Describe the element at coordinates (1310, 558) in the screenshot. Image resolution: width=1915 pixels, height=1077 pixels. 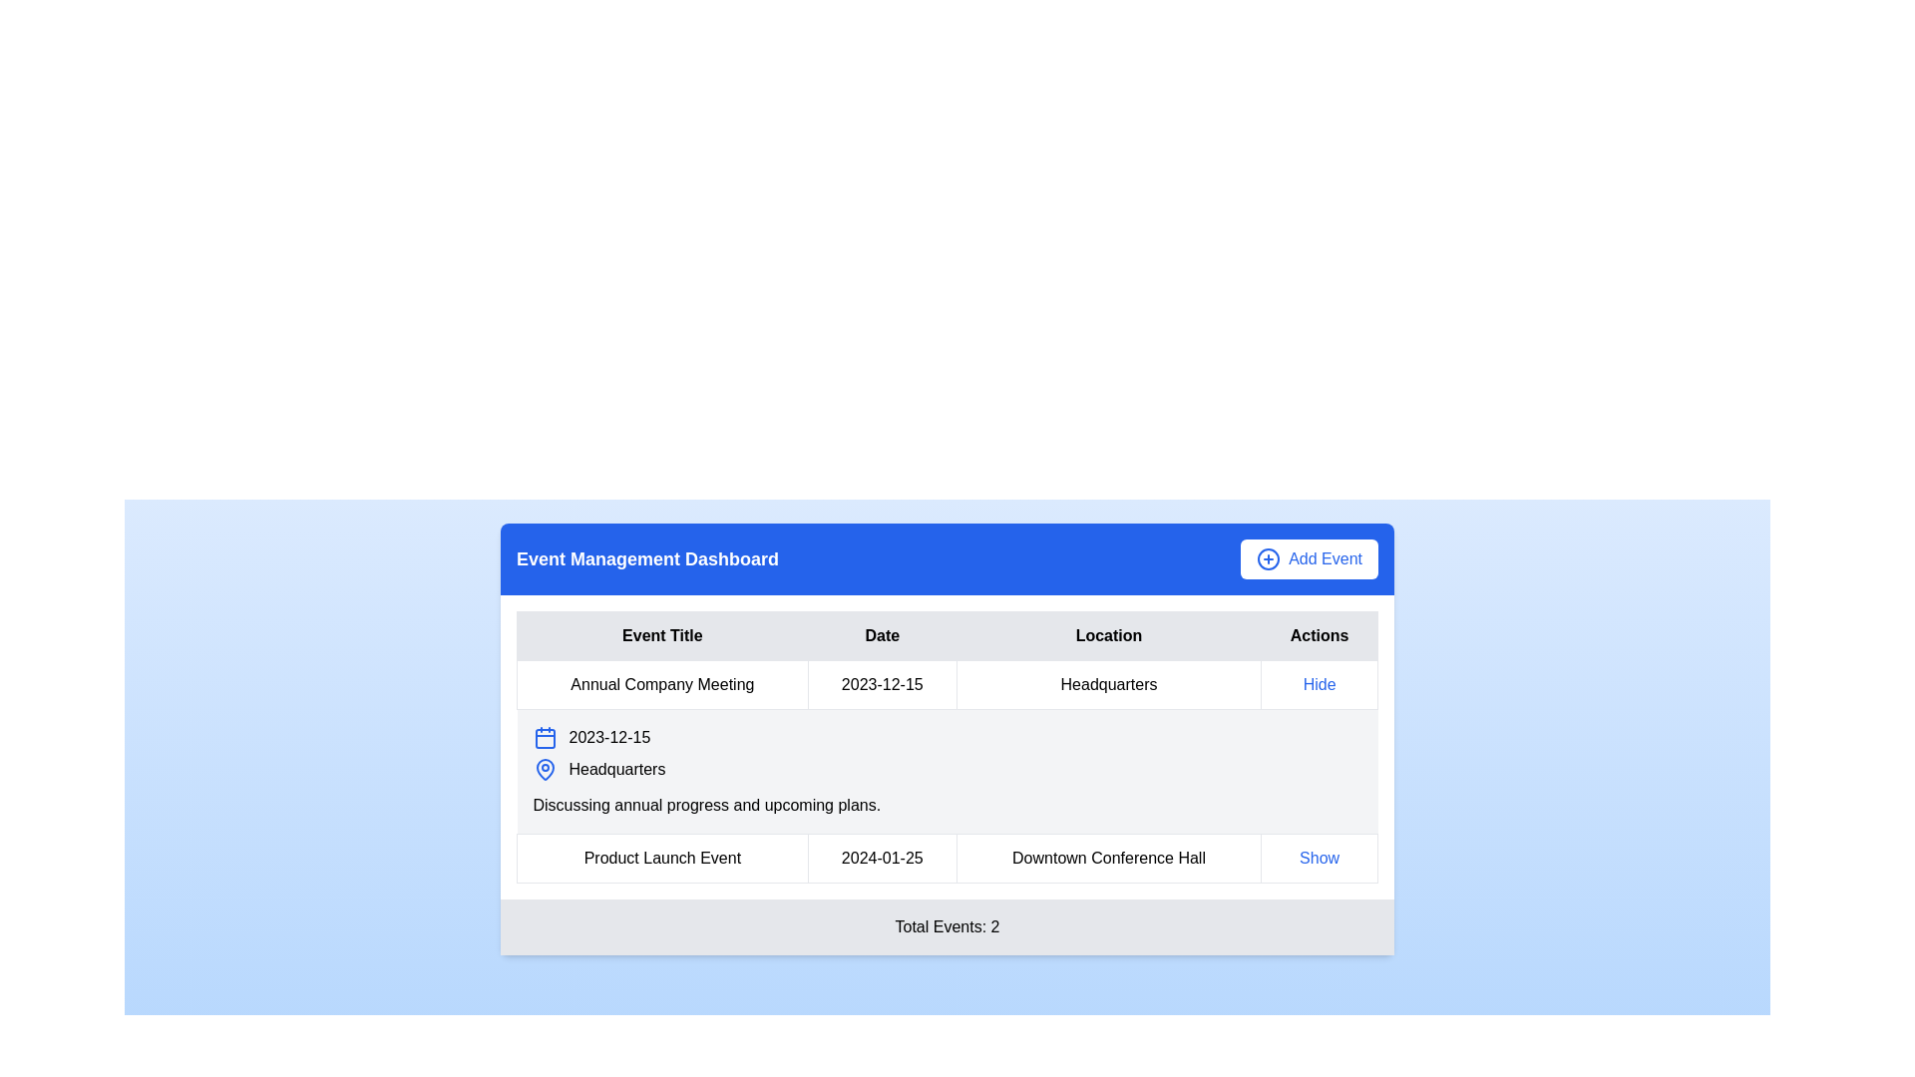
I see `the 'Add New Event' button located in the top-right corner of the blue header section titled 'Event Management Dashboard' to modify its background color` at that location.